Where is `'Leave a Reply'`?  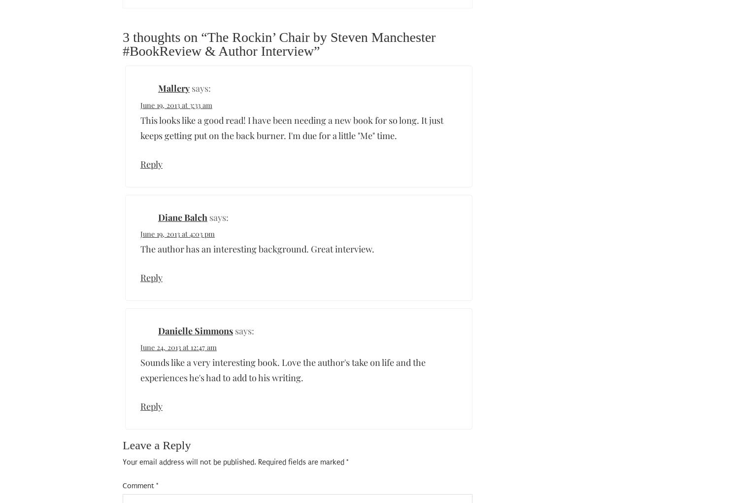
'Leave a Reply' is located at coordinates (156, 445).